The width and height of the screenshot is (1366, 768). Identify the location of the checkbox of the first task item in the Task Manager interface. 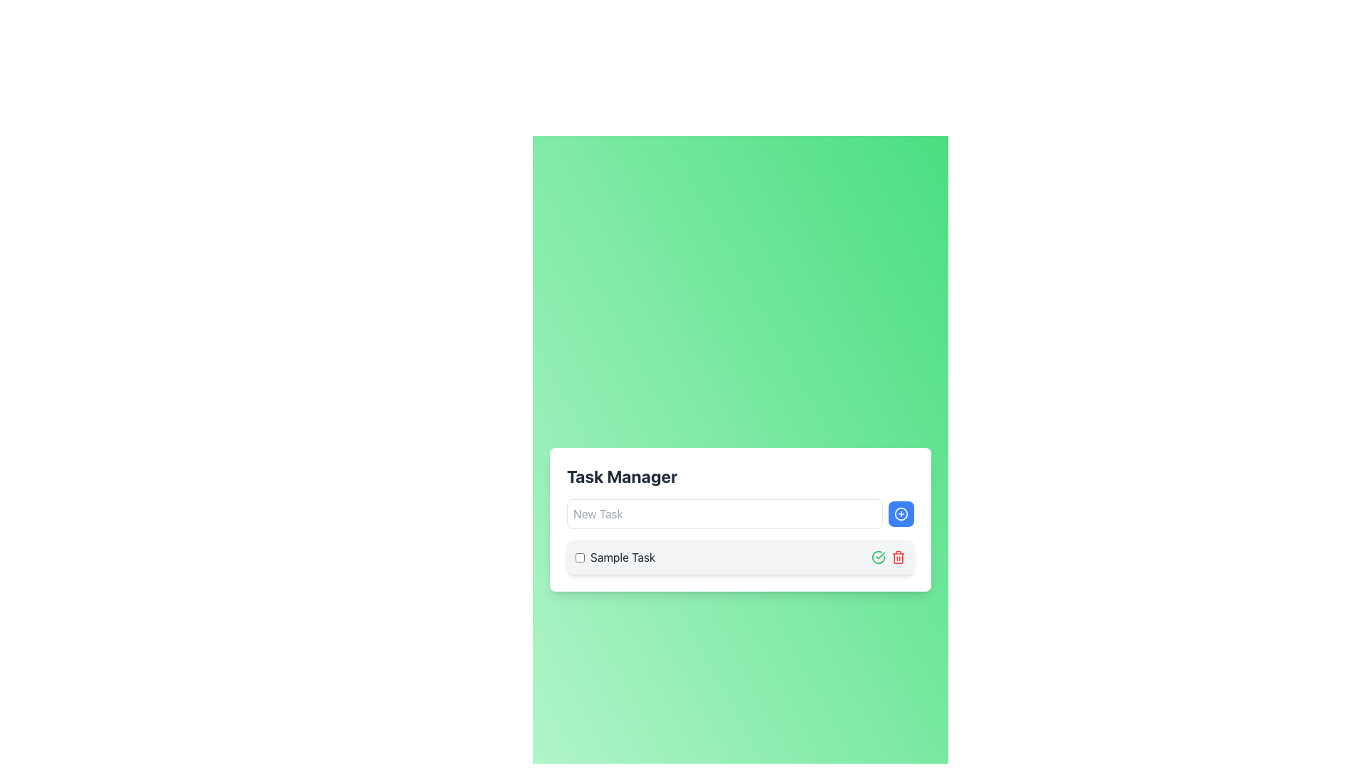
(740, 556).